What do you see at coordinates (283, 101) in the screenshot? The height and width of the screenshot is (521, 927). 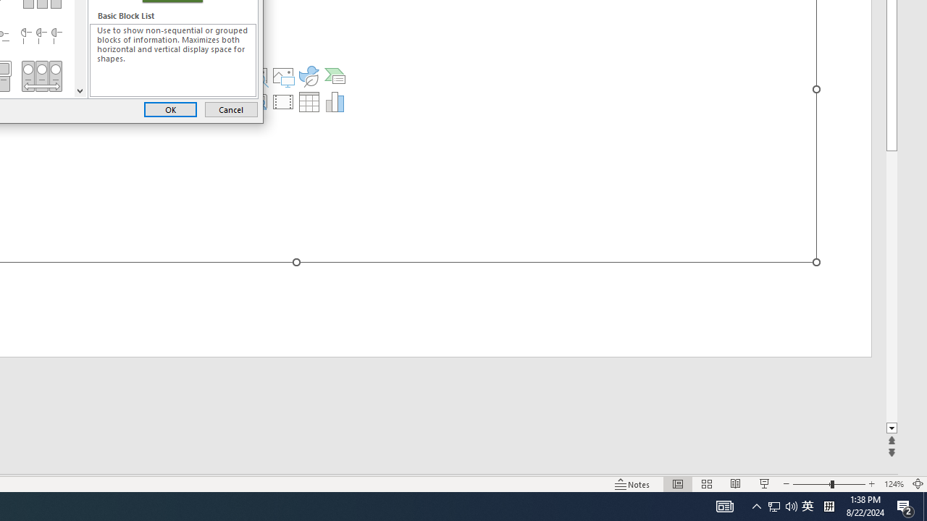 I see `'Insert Video'` at bounding box center [283, 101].